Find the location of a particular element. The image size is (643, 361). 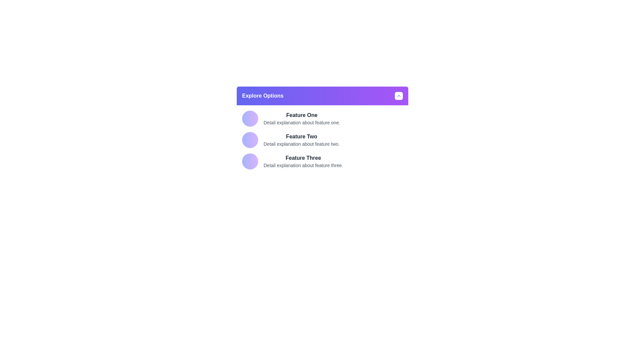

the small upward arrow button in the top-right corner of the 'Explore Options' header is located at coordinates (399, 96).